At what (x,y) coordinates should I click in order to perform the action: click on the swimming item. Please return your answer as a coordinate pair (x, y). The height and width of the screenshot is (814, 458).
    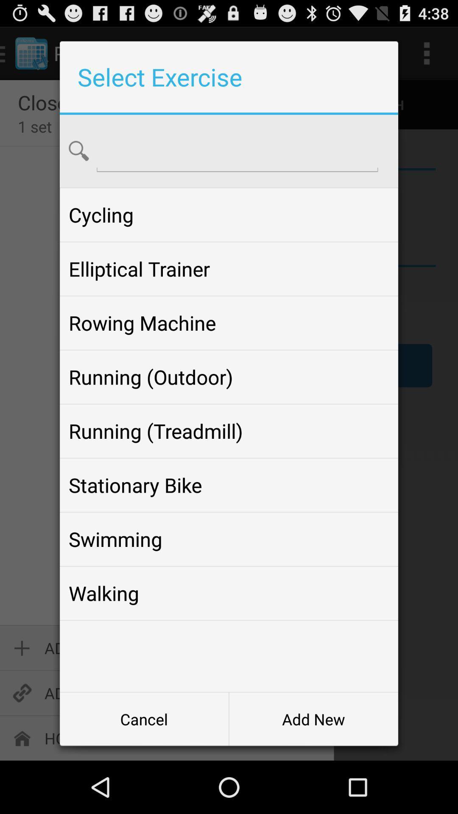
    Looking at the image, I should click on (229, 539).